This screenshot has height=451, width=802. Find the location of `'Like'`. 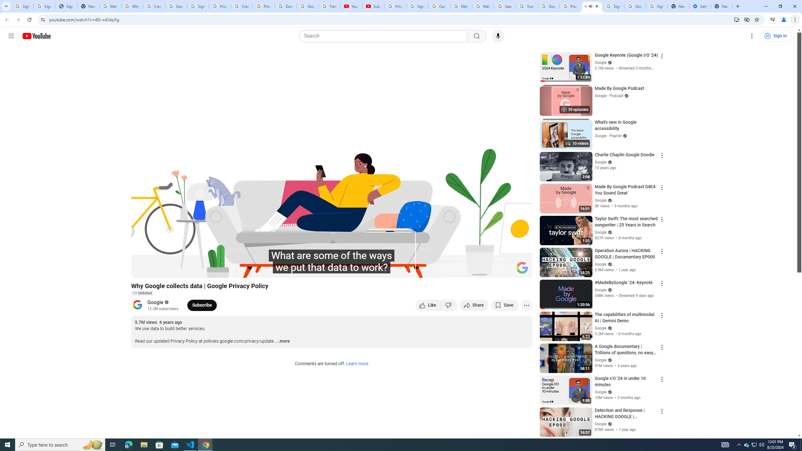

'Like' is located at coordinates (428, 305).